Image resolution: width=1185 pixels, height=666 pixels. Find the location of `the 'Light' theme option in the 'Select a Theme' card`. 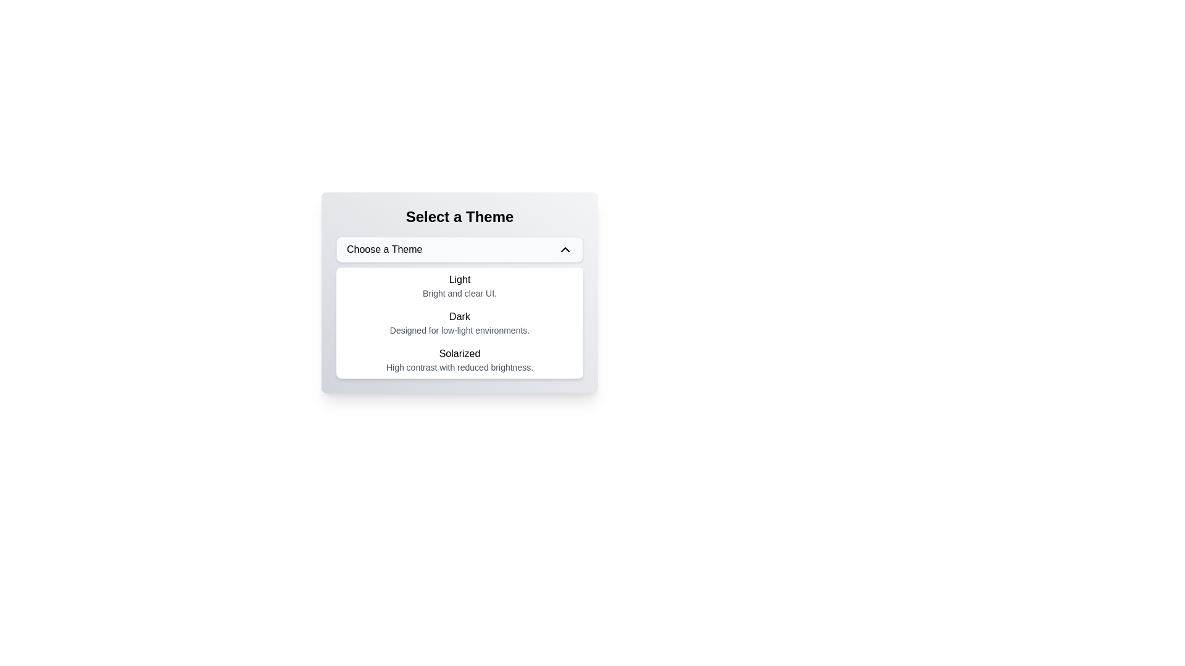

the 'Light' theme option in the 'Select a Theme' card is located at coordinates (459, 292).